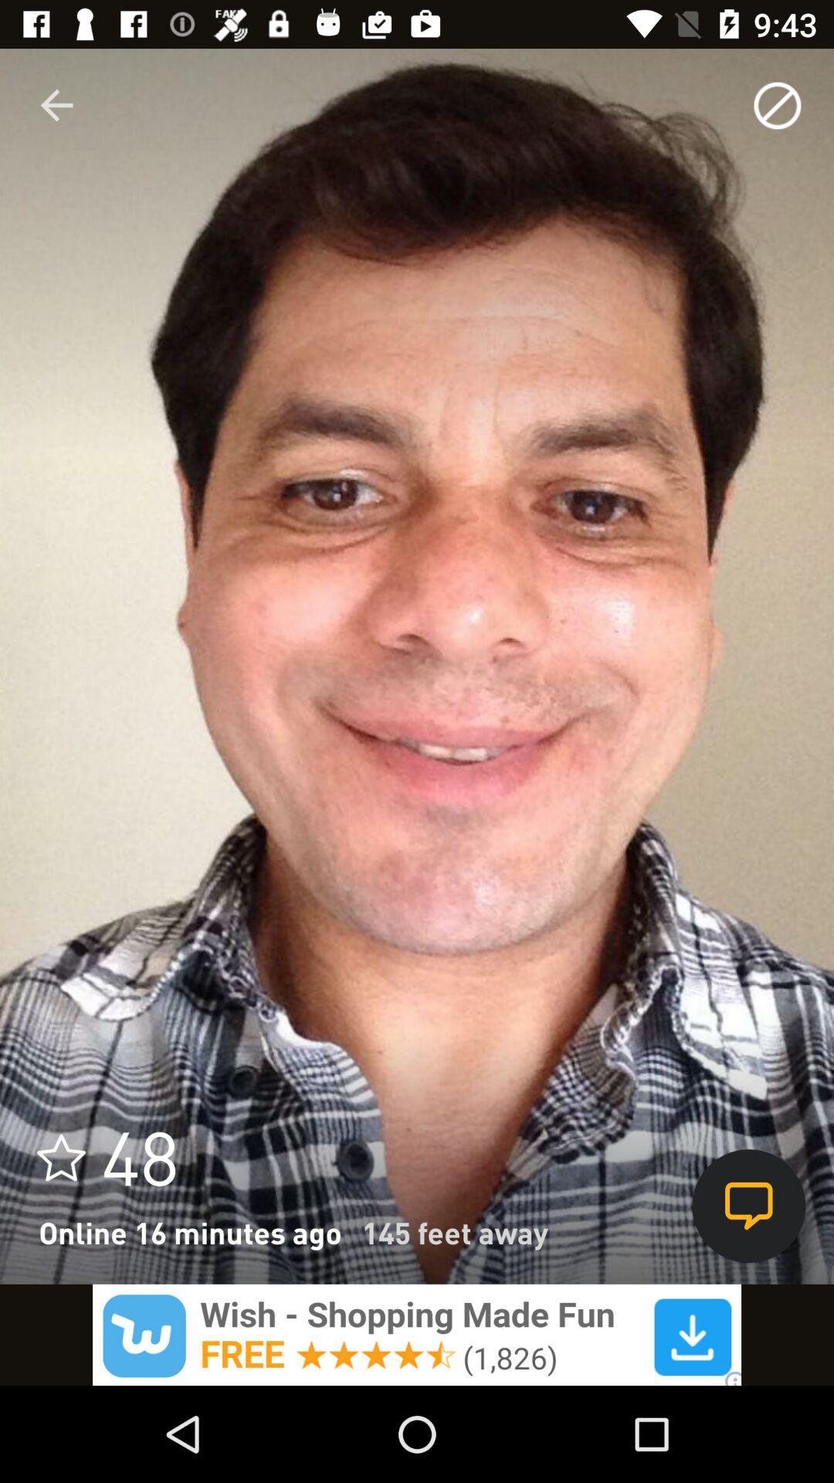 Image resolution: width=834 pixels, height=1483 pixels. I want to click on click advertisement, so click(417, 1334).